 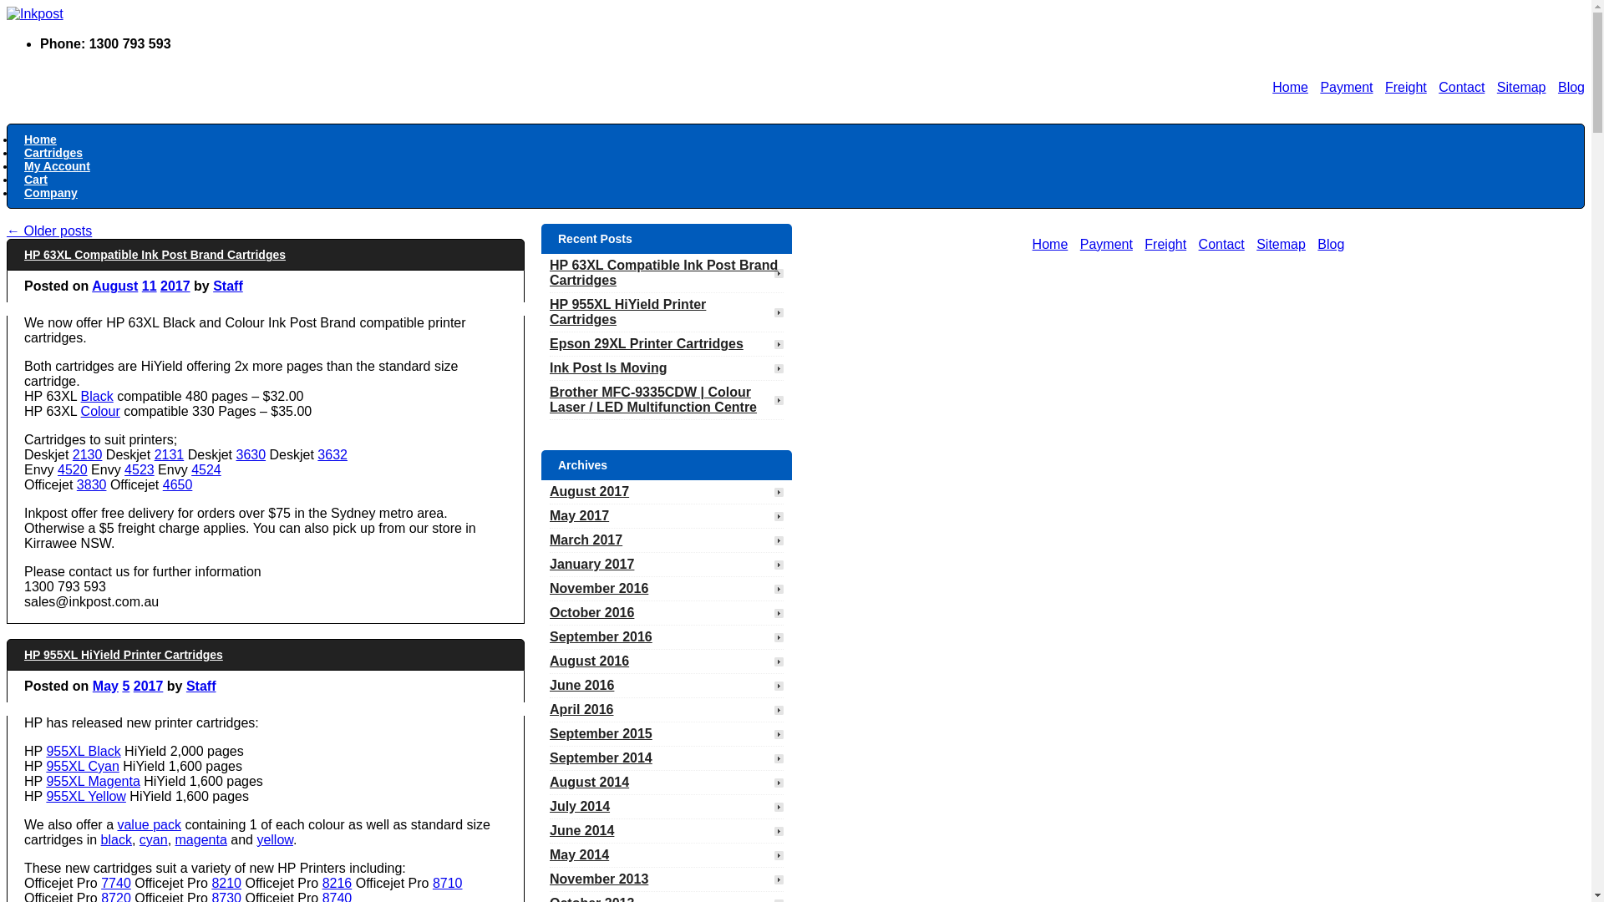 What do you see at coordinates (57, 166) in the screenshot?
I see `'My Account'` at bounding box center [57, 166].